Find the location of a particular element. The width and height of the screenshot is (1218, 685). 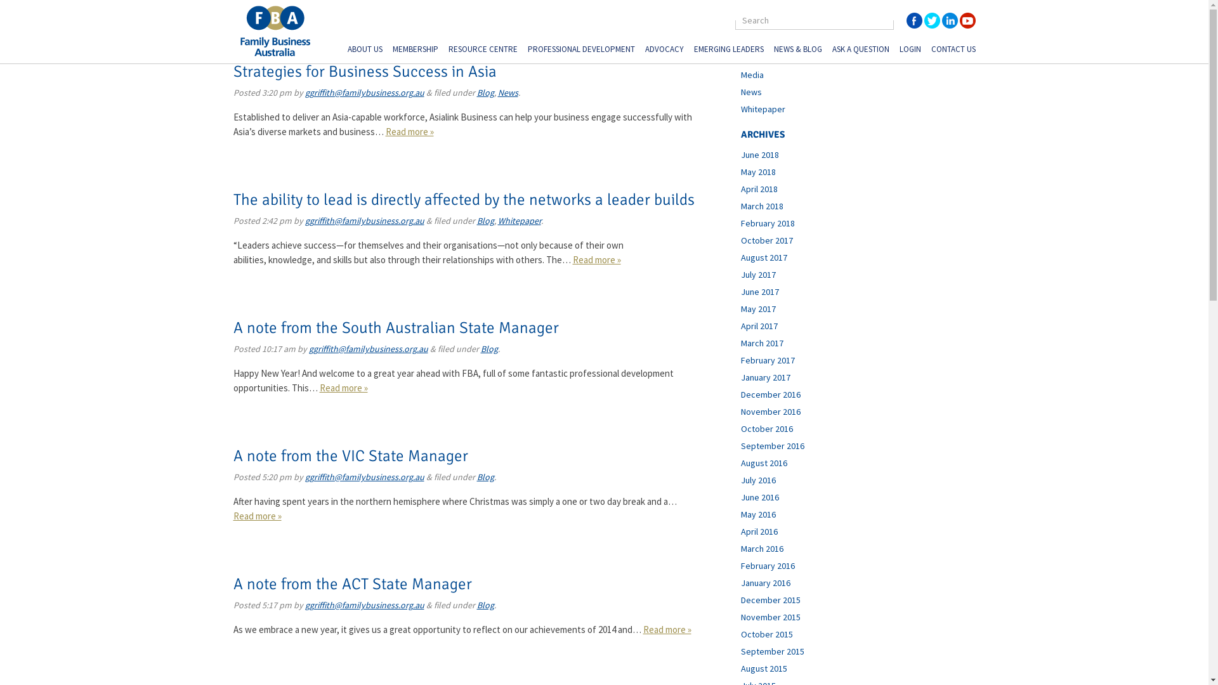

'CONTACT US' is located at coordinates (953, 50).